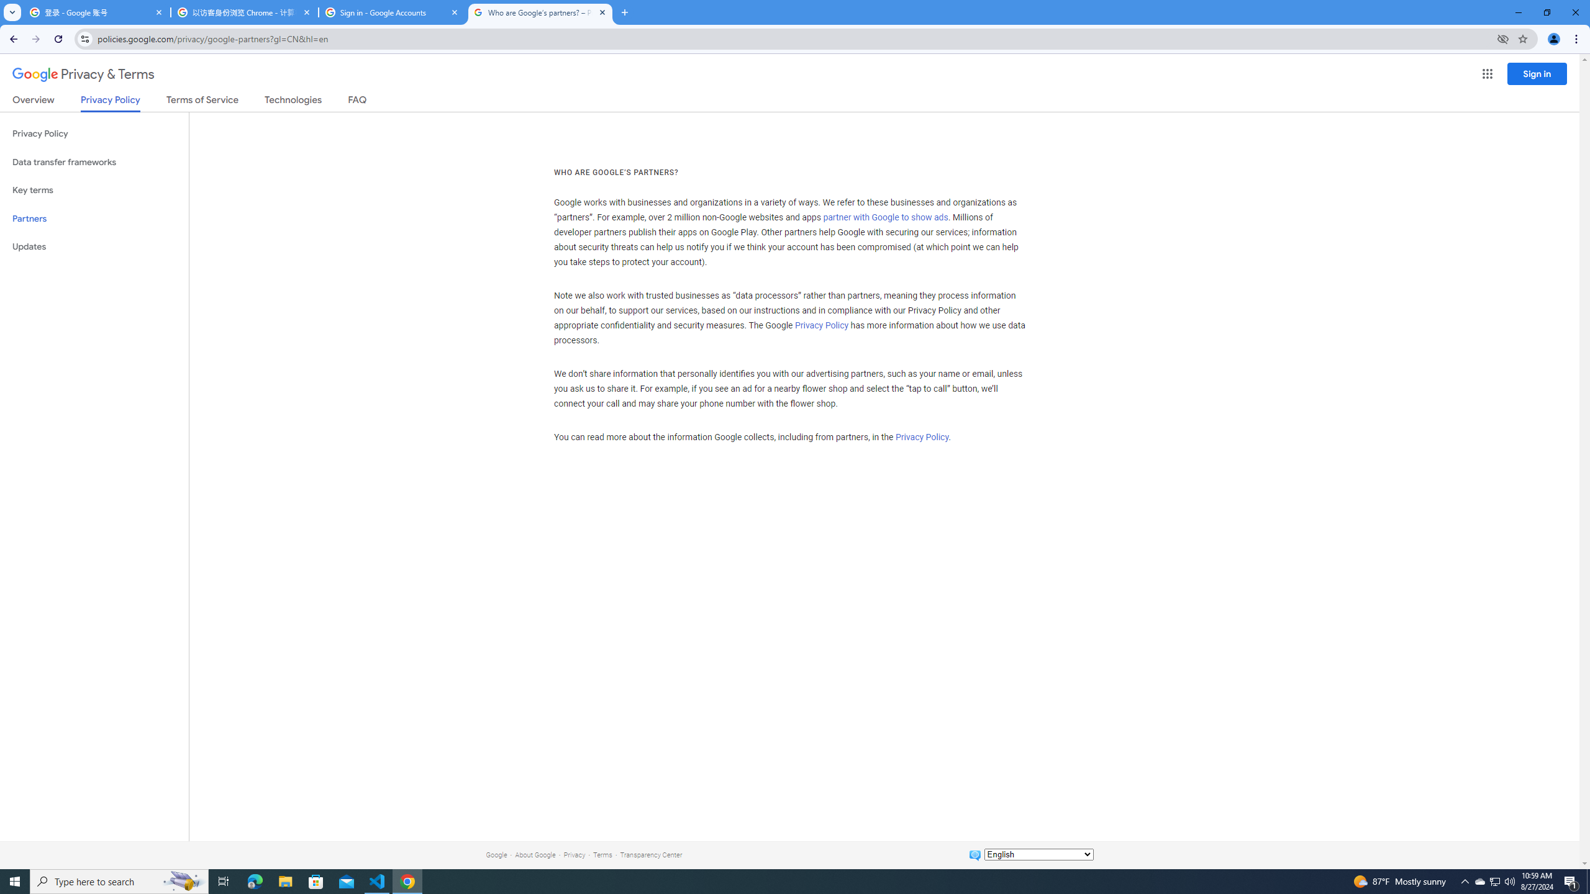 The image size is (1590, 894). Describe the element at coordinates (884, 218) in the screenshot. I see `'partner with Google to show ads'` at that location.